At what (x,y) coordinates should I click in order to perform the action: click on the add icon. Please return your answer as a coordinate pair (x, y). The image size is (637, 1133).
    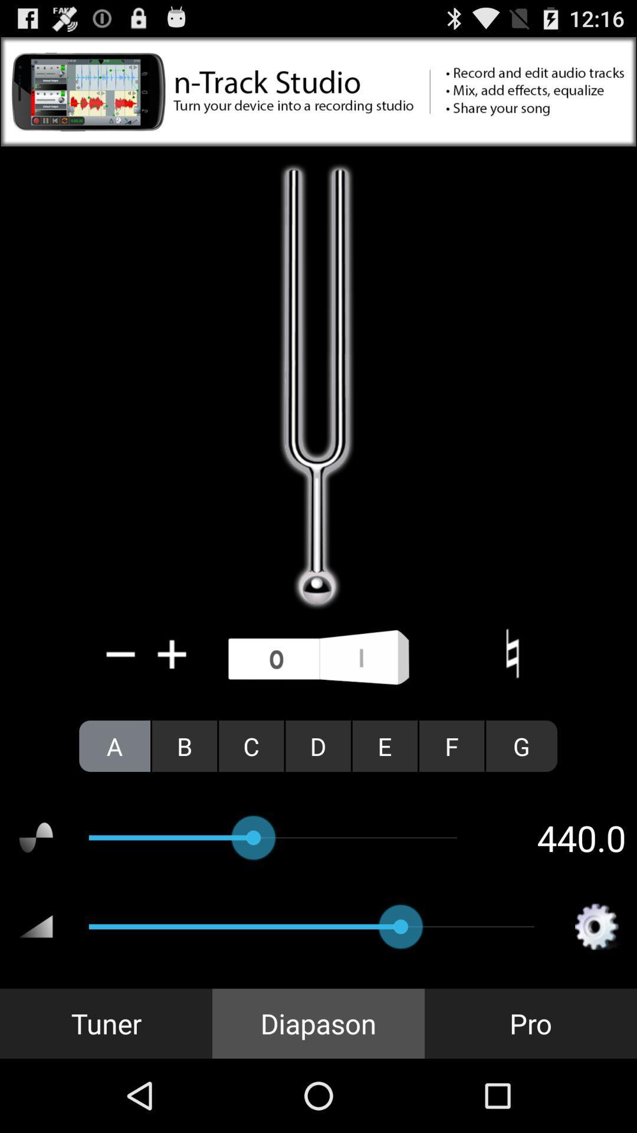
    Looking at the image, I should click on (172, 699).